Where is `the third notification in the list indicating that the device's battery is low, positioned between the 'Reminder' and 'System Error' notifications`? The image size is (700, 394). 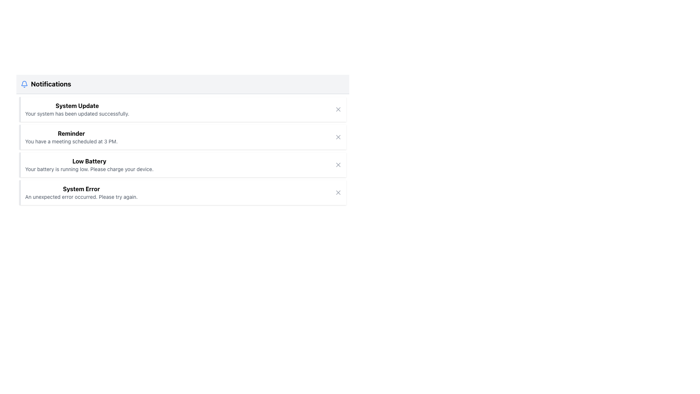
the third notification in the list indicating that the device's battery is low, positioned between the 'Reminder' and 'System Error' notifications is located at coordinates (89, 165).